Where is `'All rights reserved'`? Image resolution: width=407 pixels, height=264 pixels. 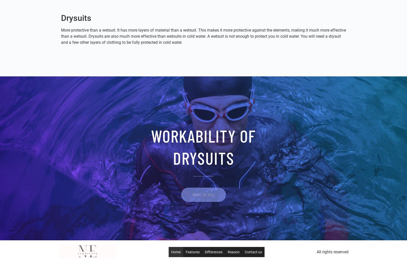
'All rights reserved' is located at coordinates (332, 252).